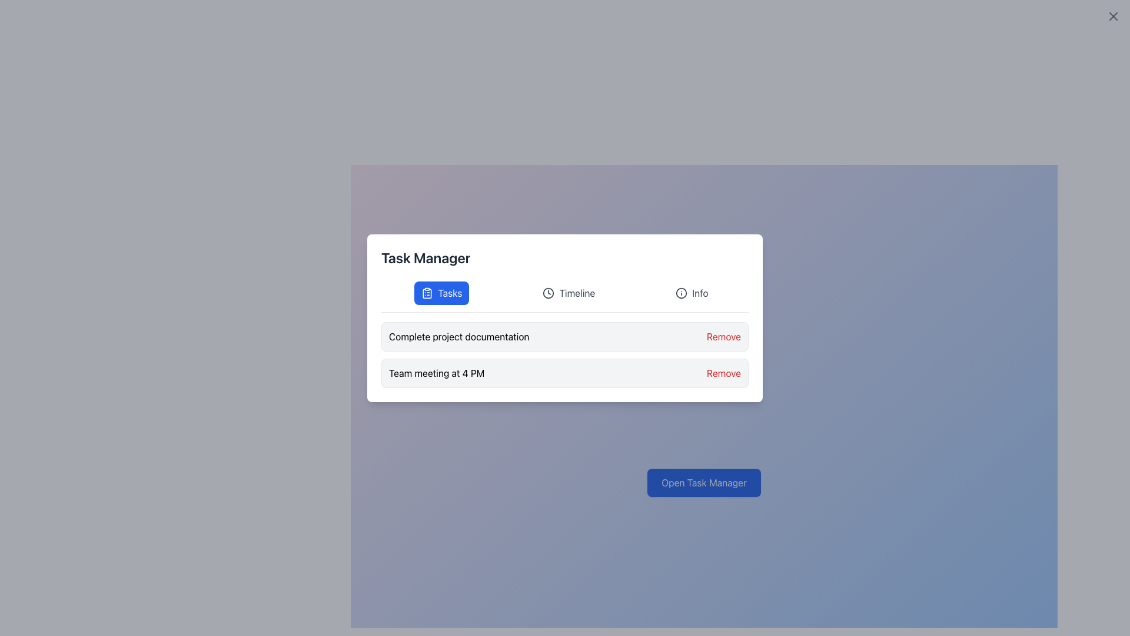 The image size is (1130, 636). What do you see at coordinates (427, 293) in the screenshot?
I see `the clipboard vector icon located at the top left of the 'Task Manager' card, part of the 'Tasks' tab` at bounding box center [427, 293].